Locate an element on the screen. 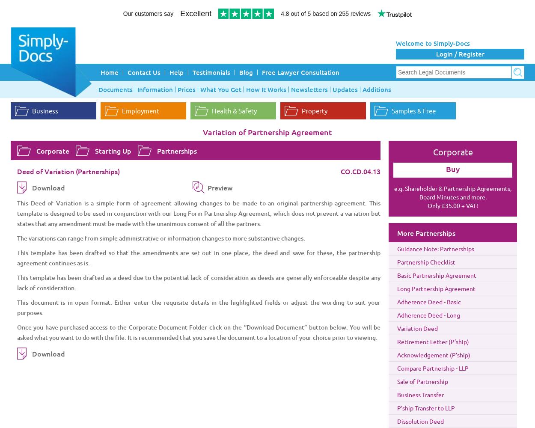  'P’ship Transfer to LLP' is located at coordinates (425, 407).